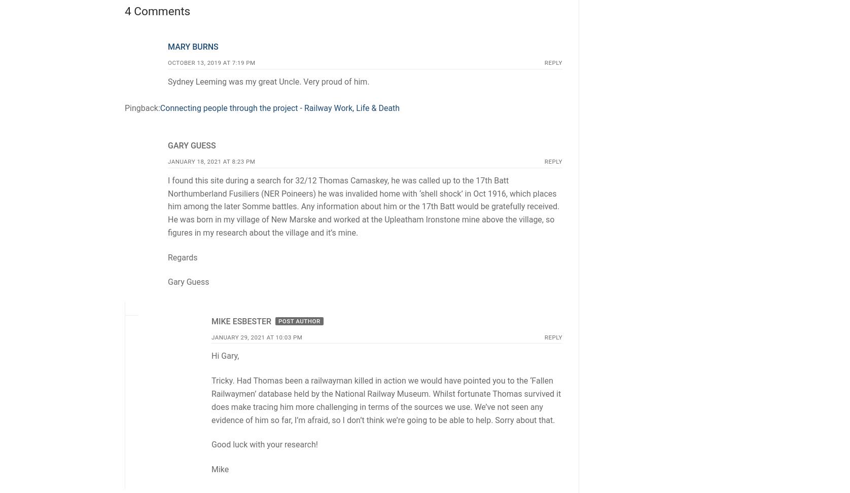 This screenshot has height=493, width=850. Describe the element at coordinates (182, 256) in the screenshot. I see `'Regards'` at that location.